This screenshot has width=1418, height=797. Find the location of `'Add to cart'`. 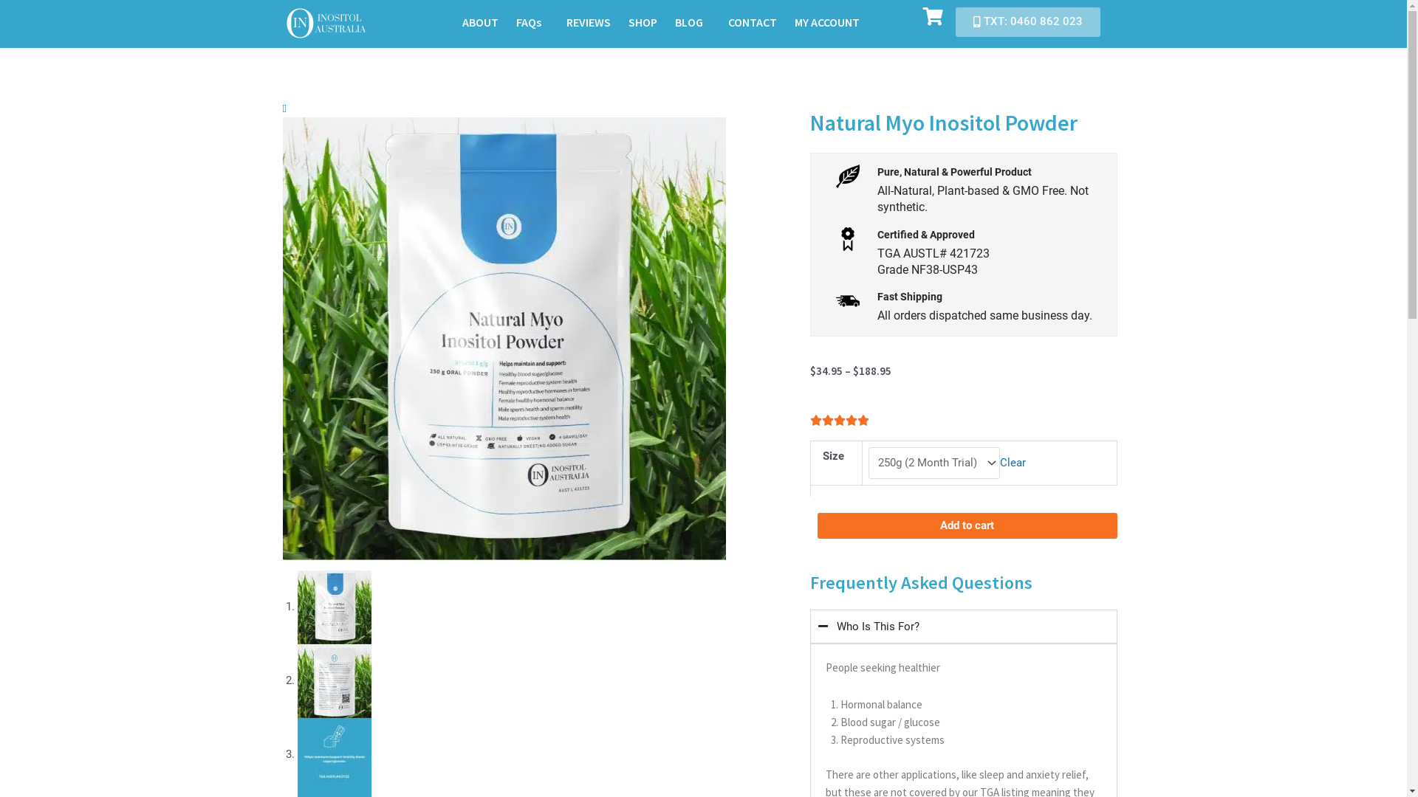

'Add to cart' is located at coordinates (967, 525).